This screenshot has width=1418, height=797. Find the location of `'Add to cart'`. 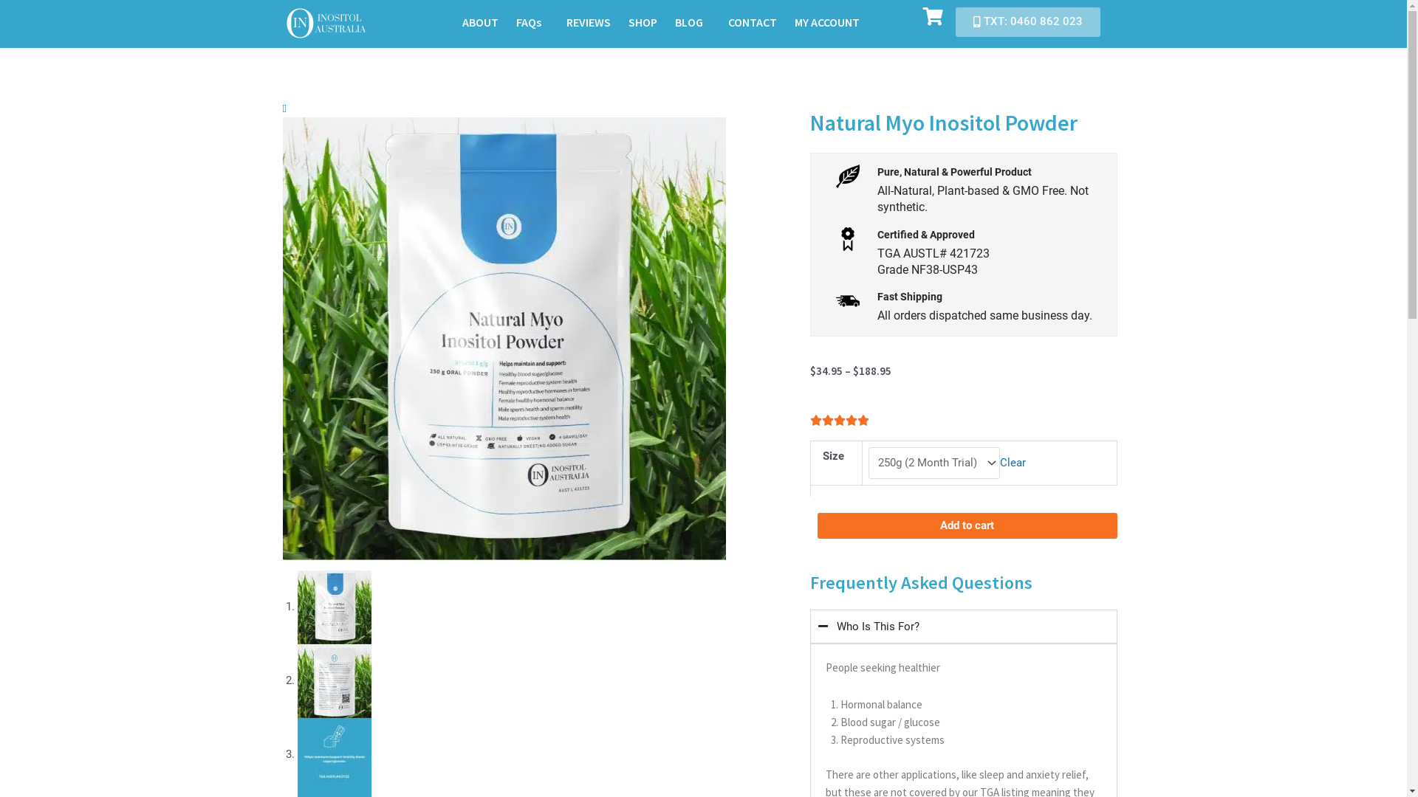

'Add to cart' is located at coordinates (967, 525).